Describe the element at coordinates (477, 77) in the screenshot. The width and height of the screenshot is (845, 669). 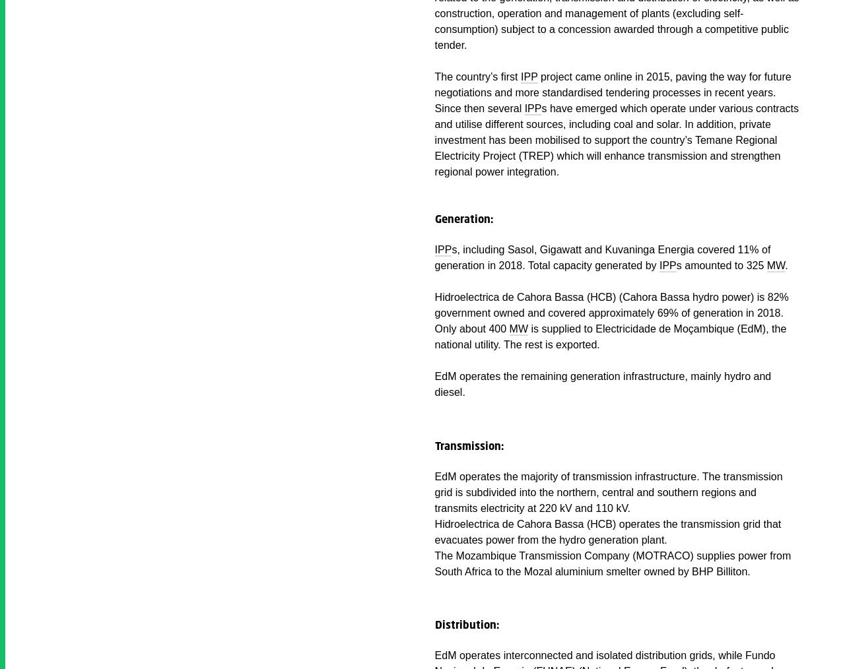
I see `'The country’s first'` at that location.